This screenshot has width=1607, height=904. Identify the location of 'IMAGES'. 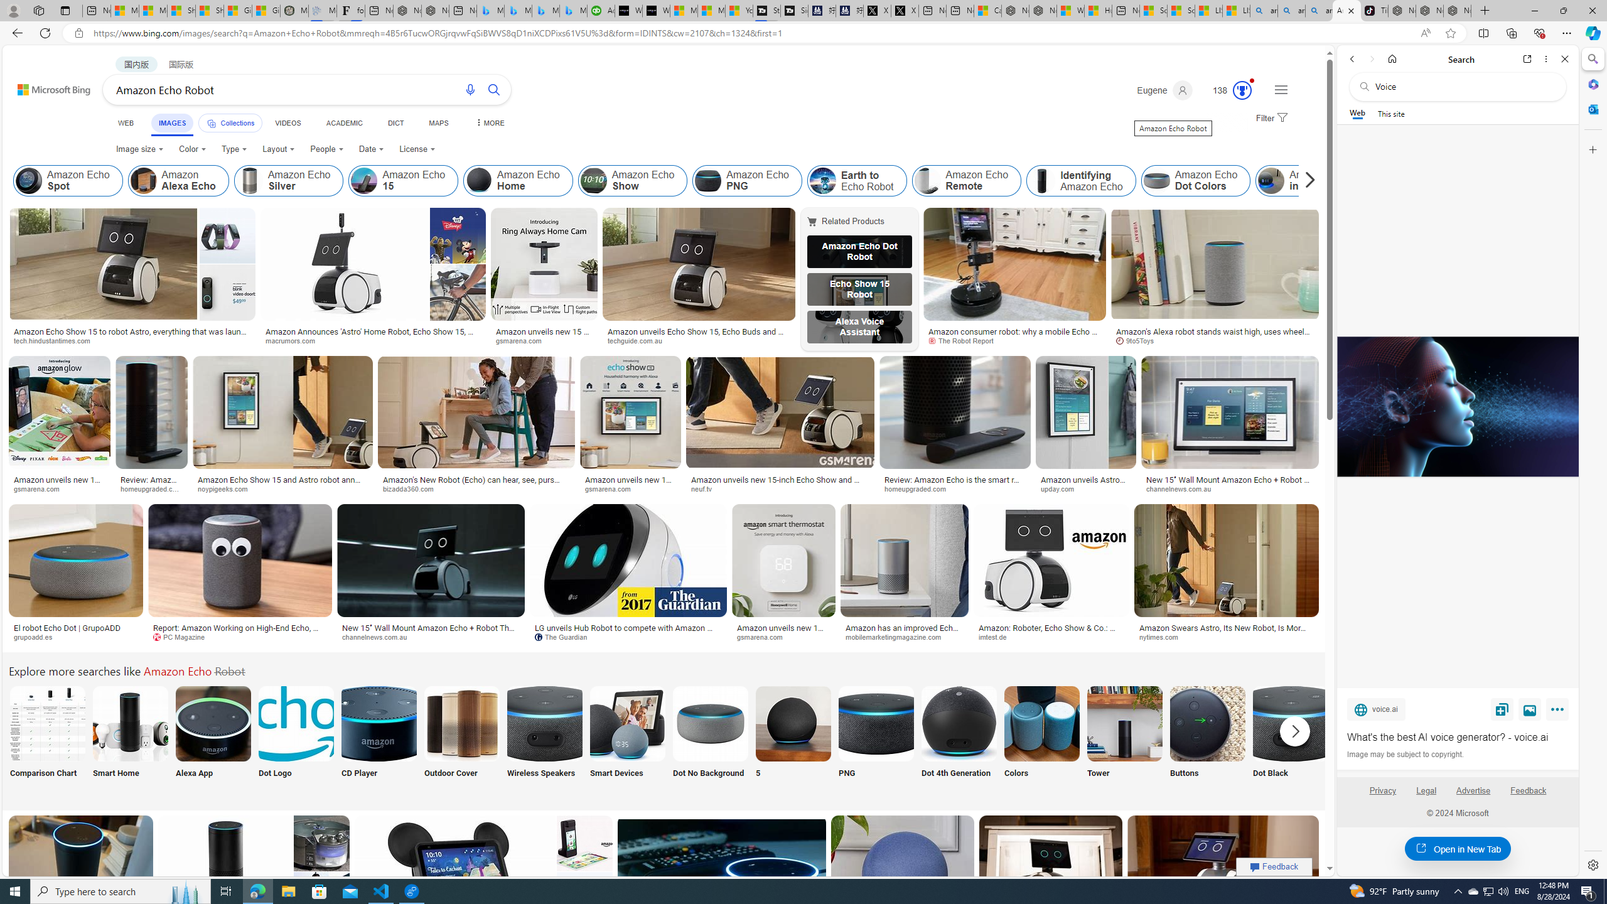
(172, 122).